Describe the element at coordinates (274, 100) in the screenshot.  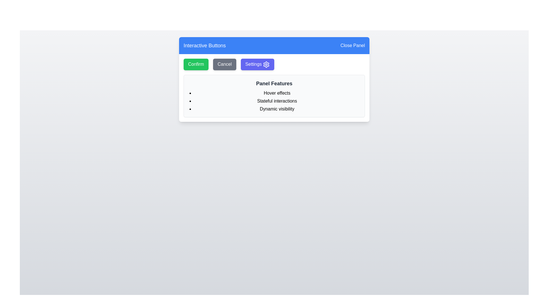
I see `the text items in the vertically arranged list of features, which includes 'Hover effects,' 'Stateful interactions,' and 'Dynamic visibility,' located in the center of the 'Panel Features' section` at that location.